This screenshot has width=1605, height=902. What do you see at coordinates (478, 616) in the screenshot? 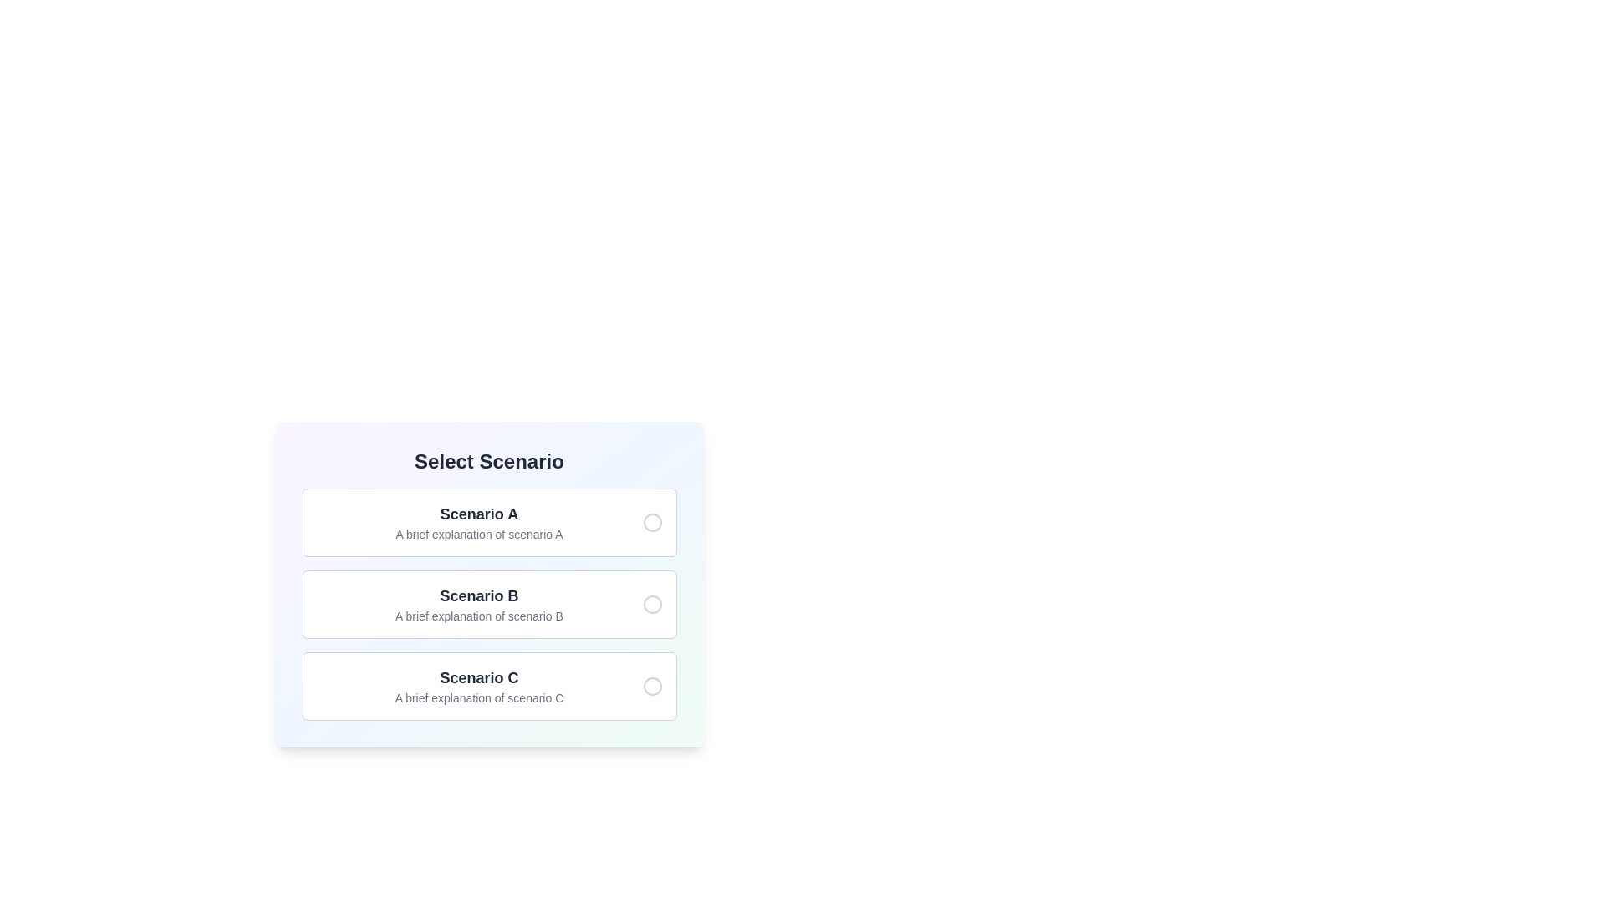
I see `the text label displaying 'A brief explanation of scenario B', located below the title 'Scenario B' in the list of scenarios` at bounding box center [478, 616].